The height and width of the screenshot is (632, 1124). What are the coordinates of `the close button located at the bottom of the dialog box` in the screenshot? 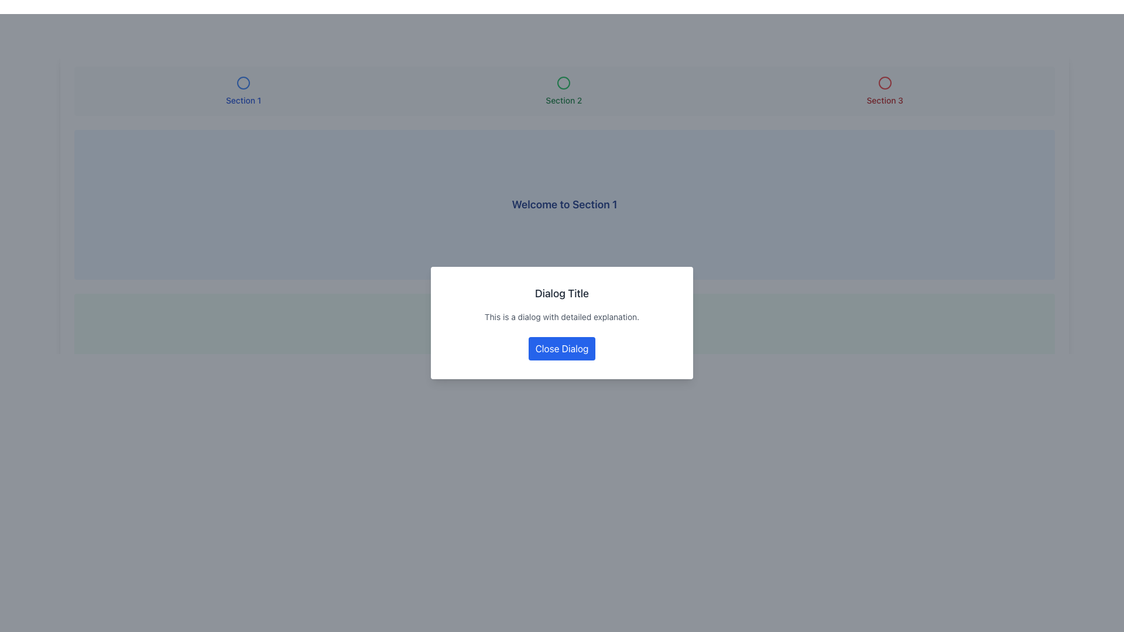 It's located at (562, 348).